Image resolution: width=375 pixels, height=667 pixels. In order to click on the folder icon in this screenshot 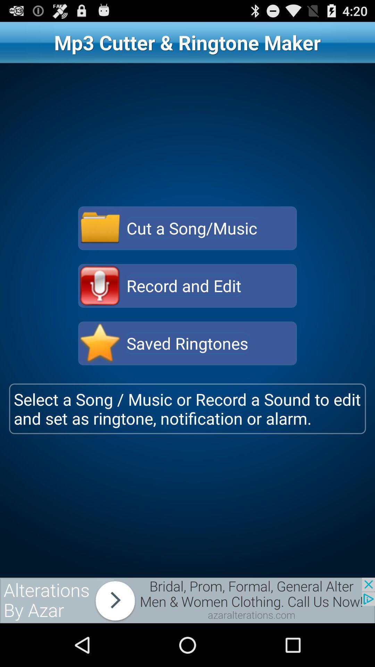, I will do `click(100, 244)`.